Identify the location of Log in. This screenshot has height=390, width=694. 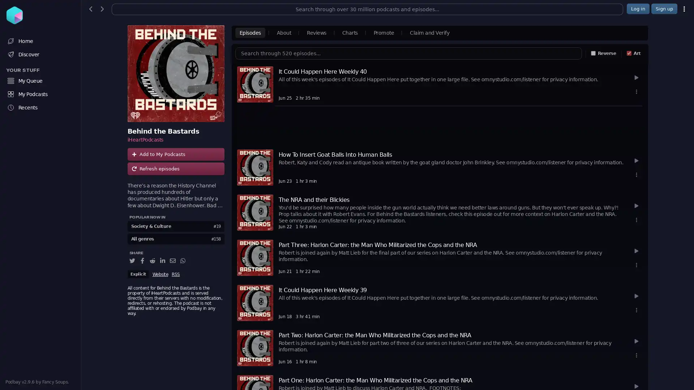
(638, 9).